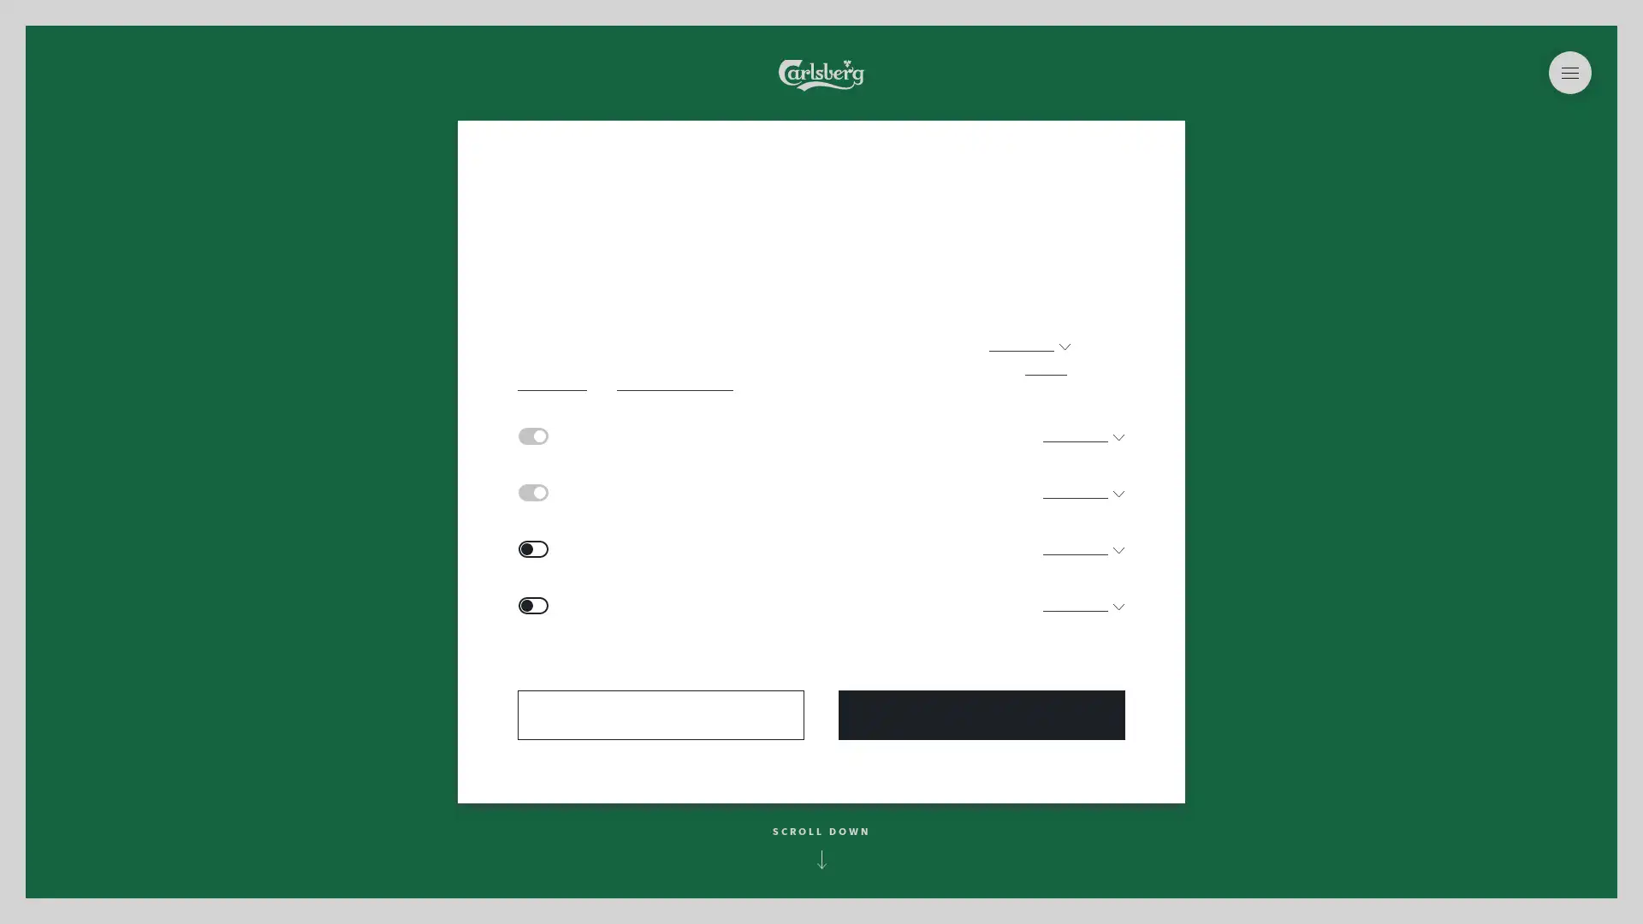 The height and width of the screenshot is (924, 1643). Describe the element at coordinates (660, 715) in the screenshot. I see `Refuse optional` at that location.